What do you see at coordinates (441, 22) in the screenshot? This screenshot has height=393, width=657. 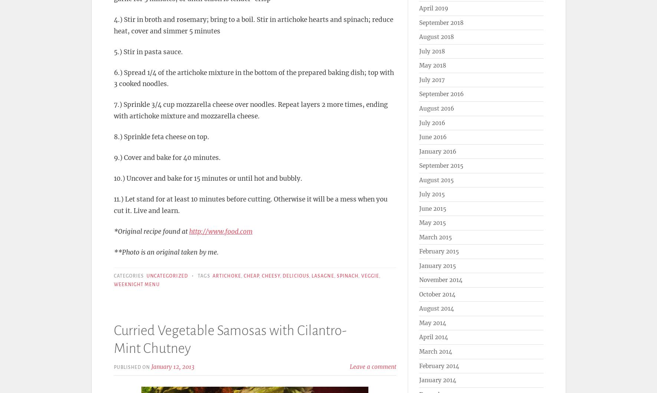 I see `'September 2018'` at bounding box center [441, 22].